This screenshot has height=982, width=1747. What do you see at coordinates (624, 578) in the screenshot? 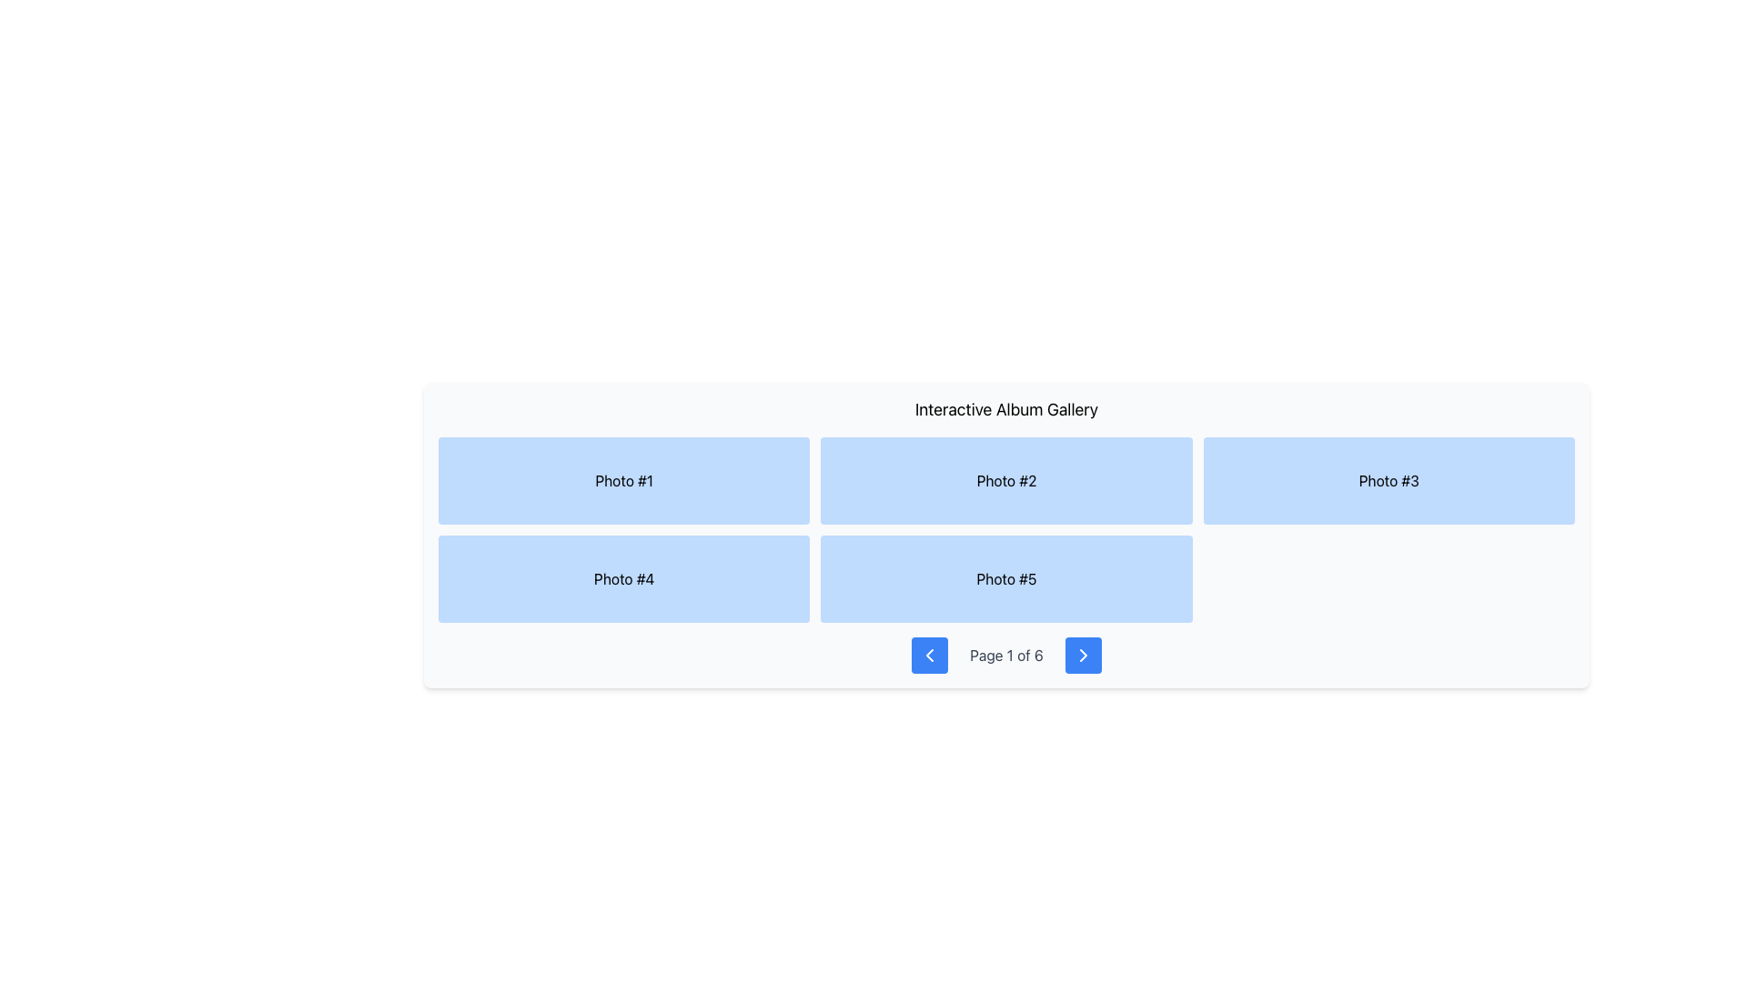
I see `the static display box representing 'Photo #4', which is the fourth item in a grid of photo thumbnails located in the second row, first column` at bounding box center [624, 578].